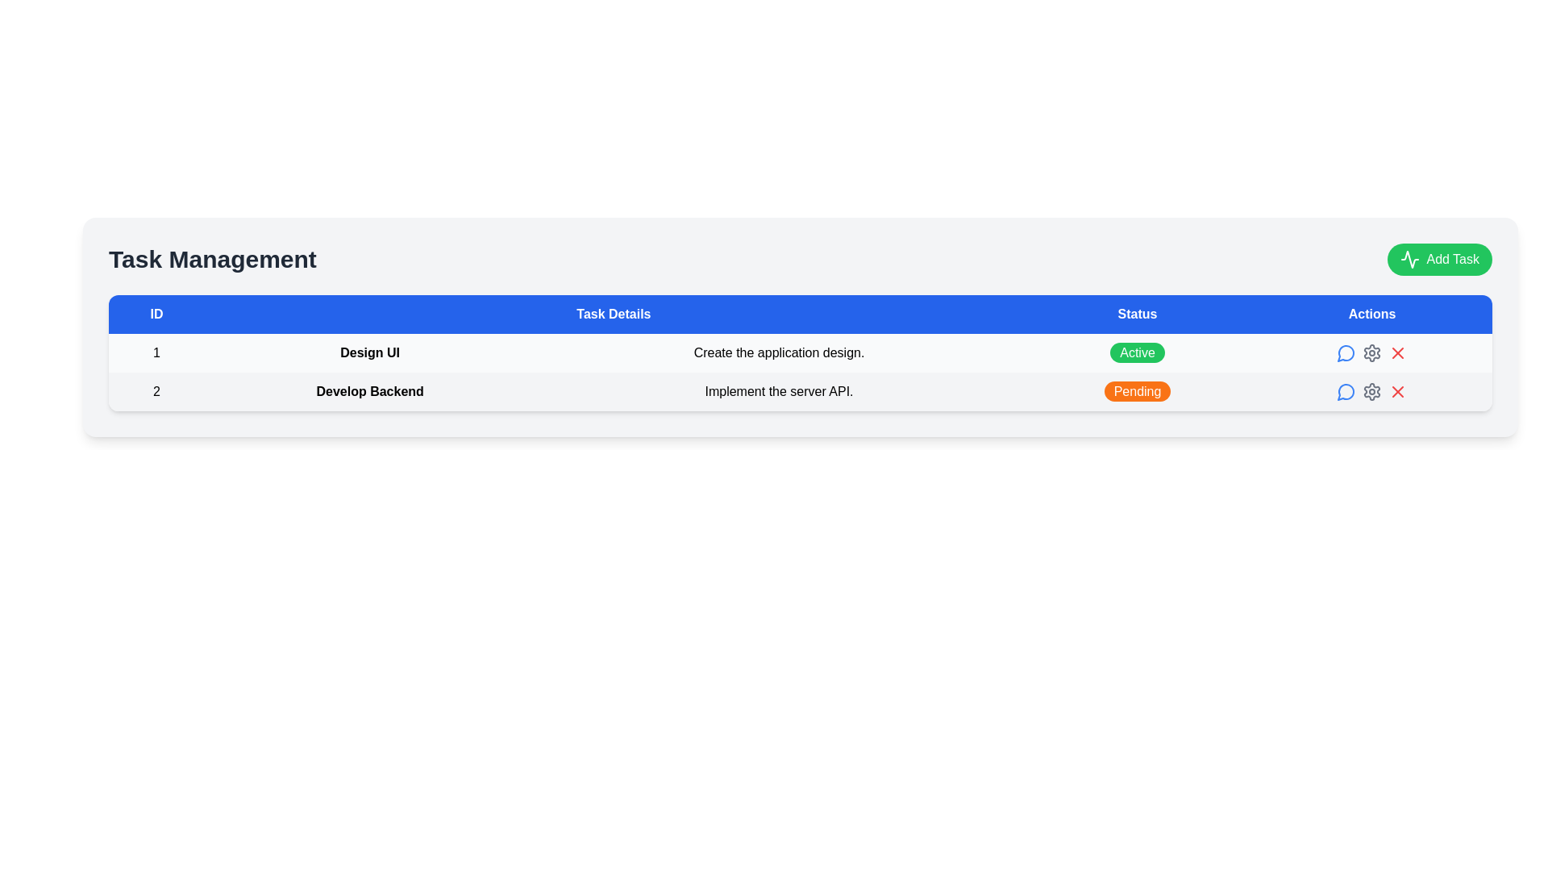 This screenshot has height=871, width=1548. What do you see at coordinates (1137, 391) in the screenshot?
I see `the status of the 'Pending' Status indicator tag located in the second row of the 'Status' column, aligned with the 'Develop Backend' task` at bounding box center [1137, 391].